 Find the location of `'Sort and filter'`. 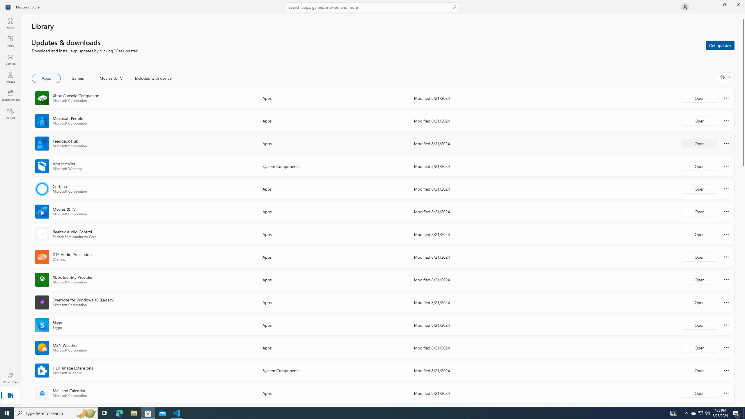

'Sort and filter' is located at coordinates (725, 77).